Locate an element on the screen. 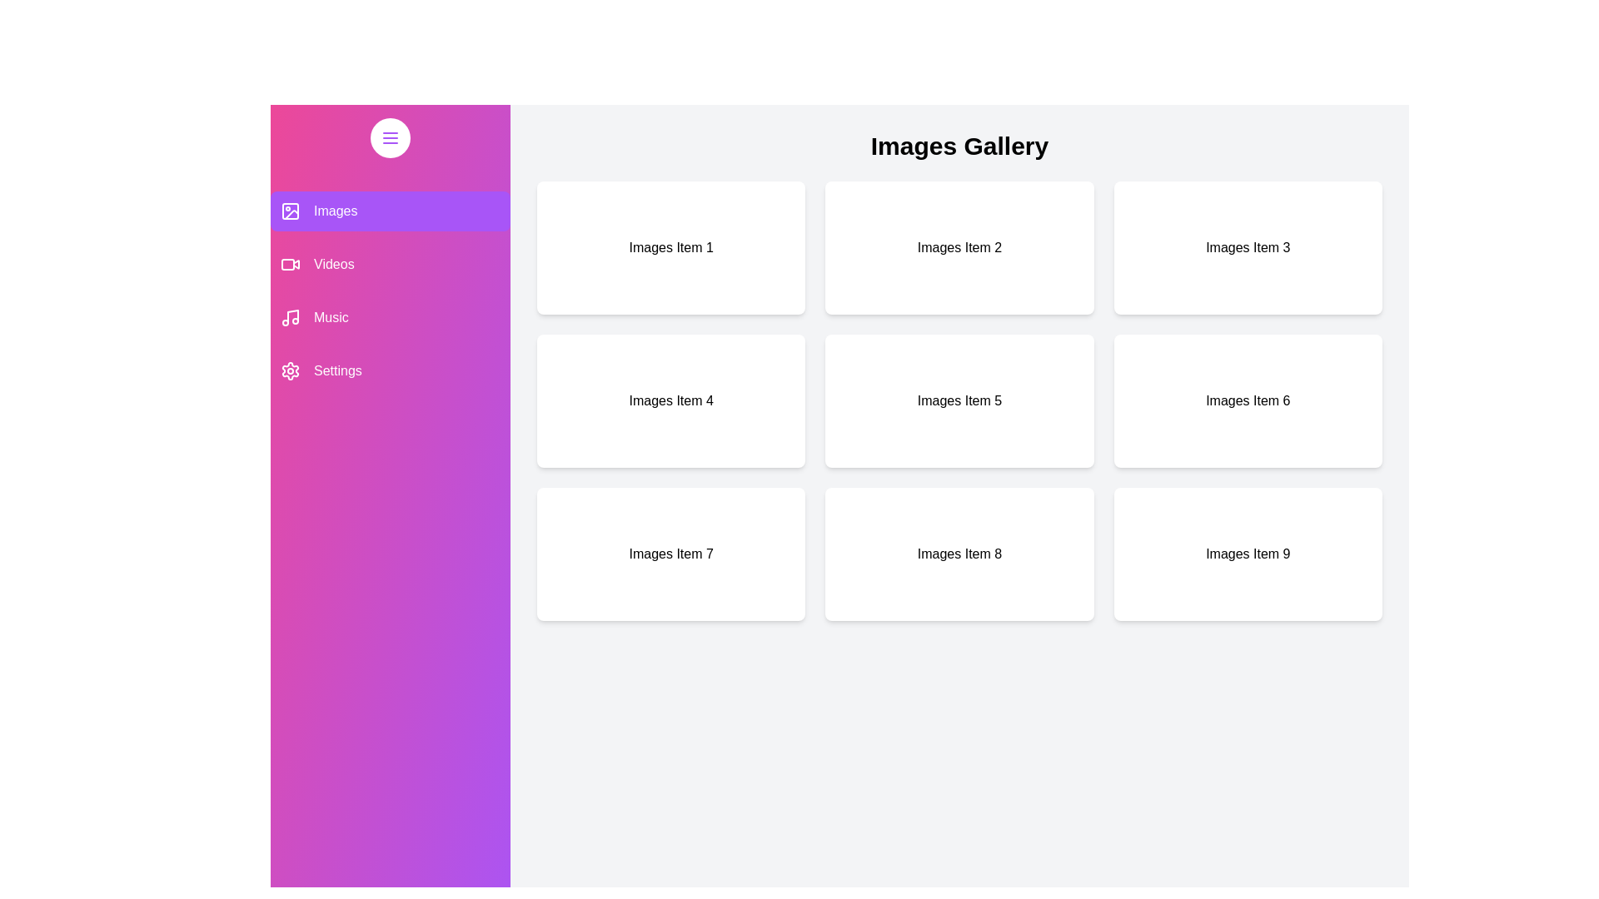 The image size is (1599, 899). toggle button located at the top-left corner of the drawer to toggle its open or closed state is located at coordinates (390, 137).